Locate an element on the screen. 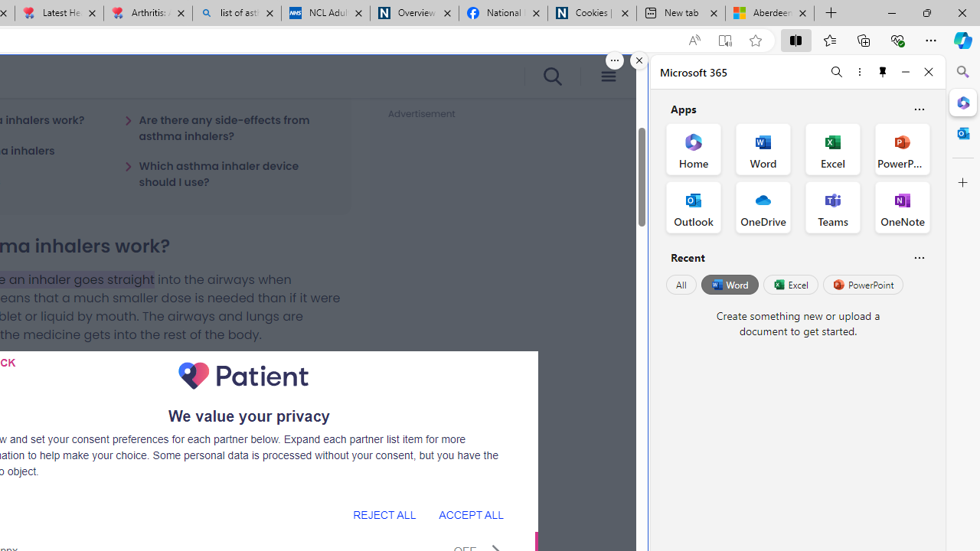 This screenshot has height=551, width=980. 'Are there any side-effects from asthma inhalers?' is located at coordinates (227, 127).